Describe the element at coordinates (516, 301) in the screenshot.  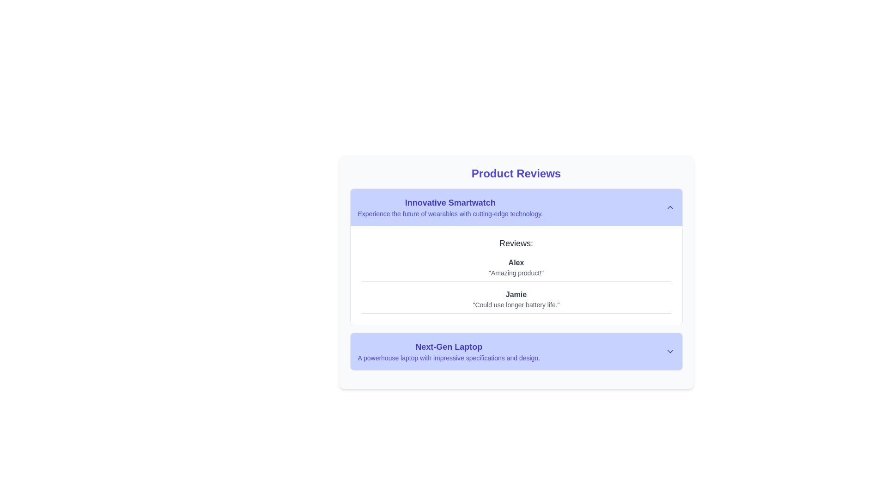
I see `the second review entry in the 'Reviews:' section, which consists of a reviewer name and their comment` at that location.